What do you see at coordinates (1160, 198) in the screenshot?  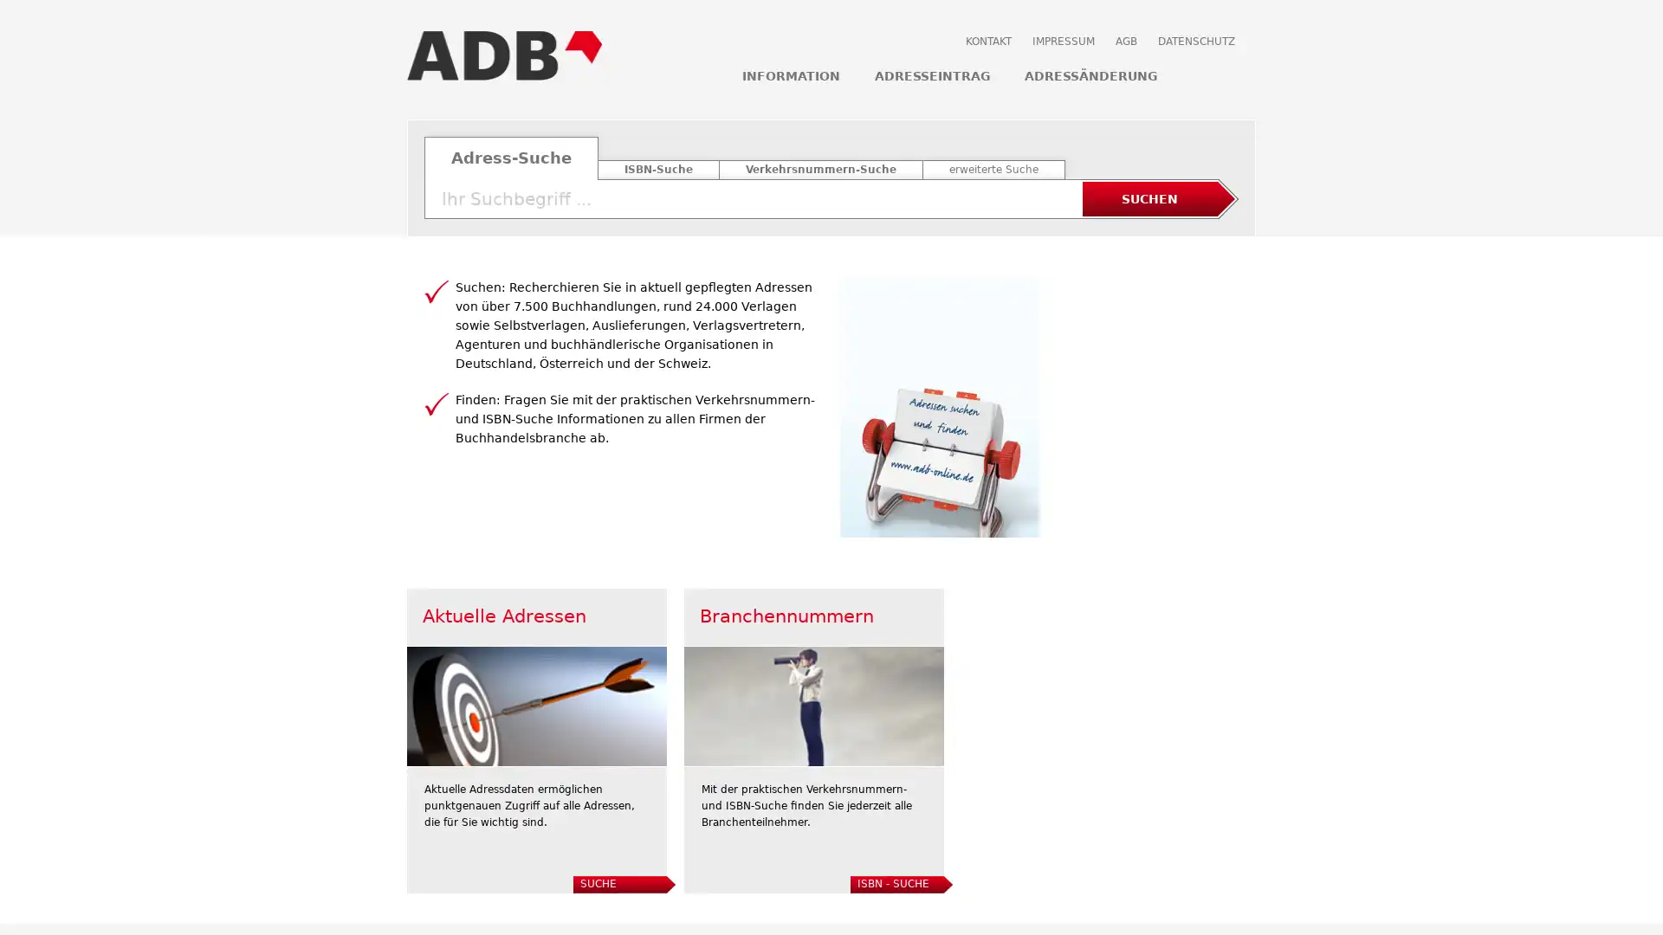 I see `SUCHEN` at bounding box center [1160, 198].